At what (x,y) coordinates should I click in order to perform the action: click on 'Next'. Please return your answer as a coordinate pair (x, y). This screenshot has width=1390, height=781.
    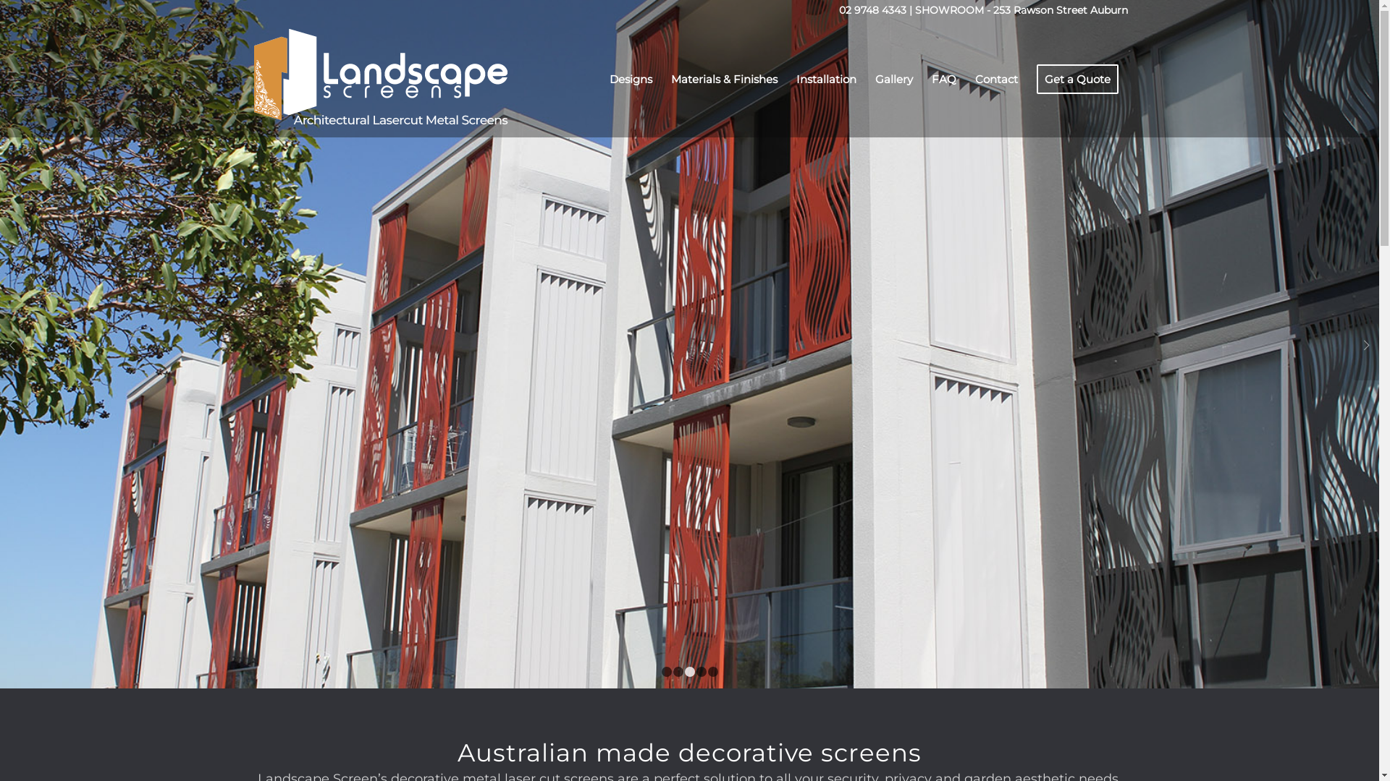
    Looking at the image, I should click on (1353, 343).